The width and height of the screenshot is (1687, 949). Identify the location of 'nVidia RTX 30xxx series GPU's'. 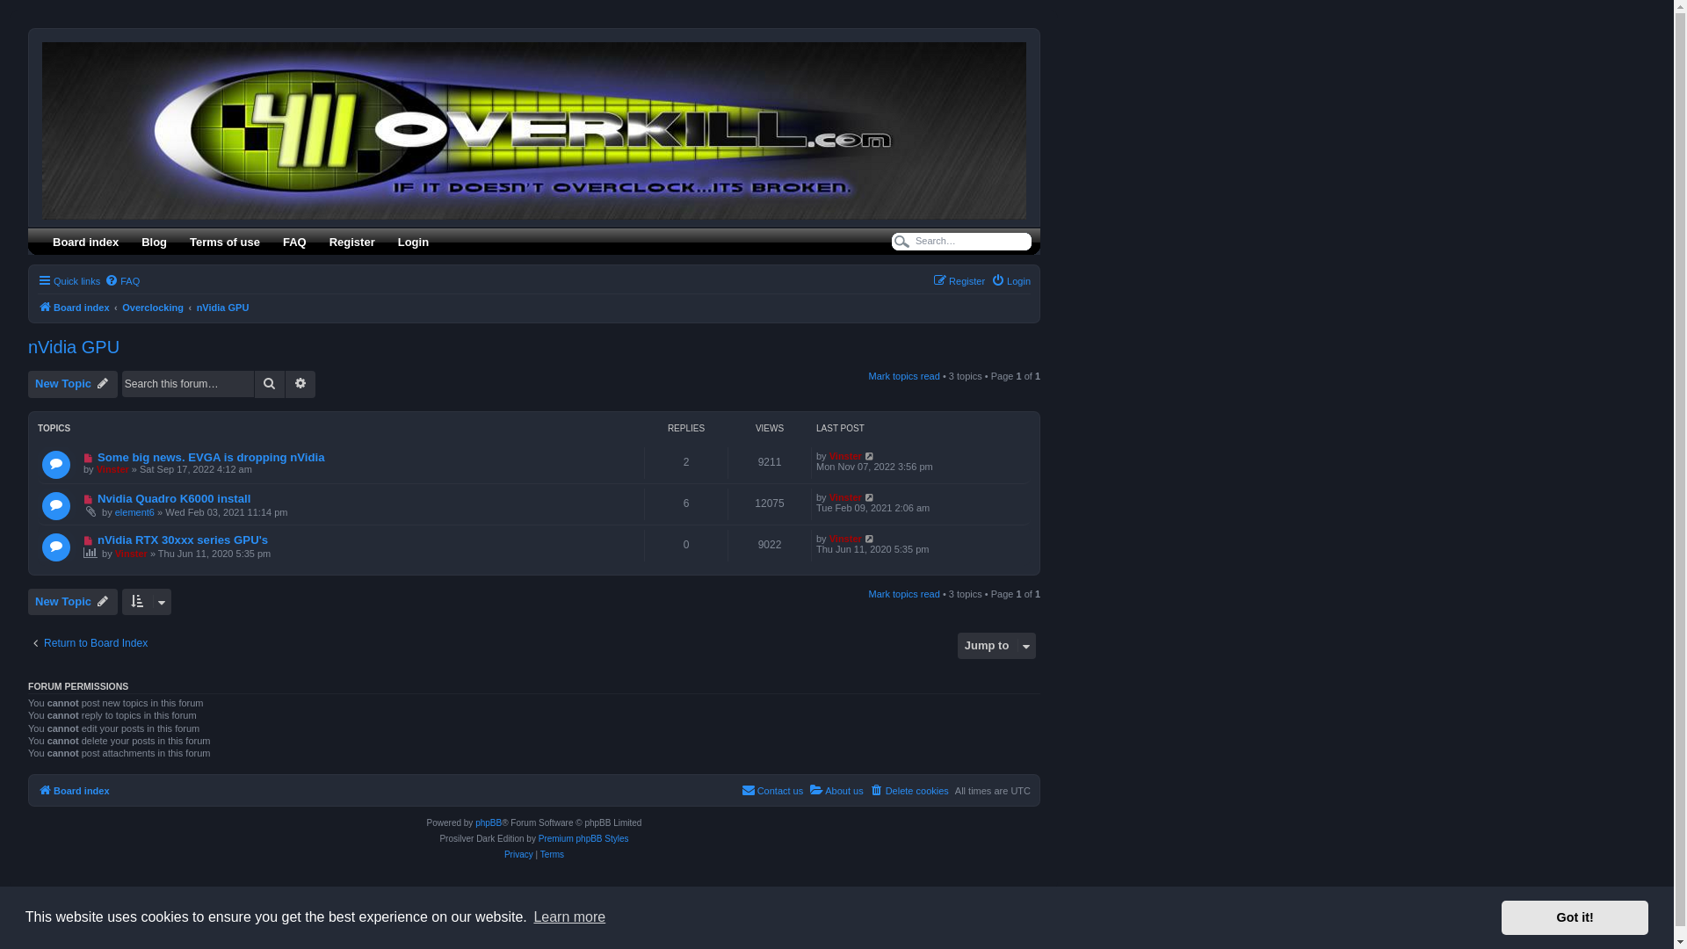
(96, 539).